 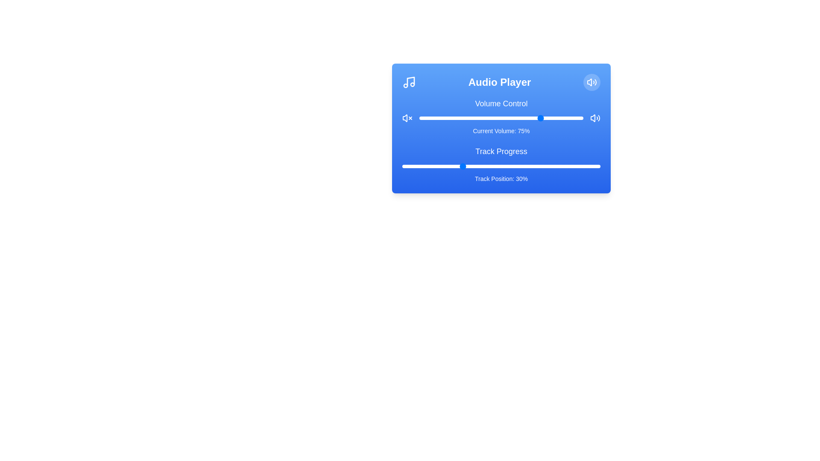 I want to click on text content of the label displaying 'Current Volume: 75%' located below the volume slider in the 'Audio Player' section, so click(x=501, y=131).